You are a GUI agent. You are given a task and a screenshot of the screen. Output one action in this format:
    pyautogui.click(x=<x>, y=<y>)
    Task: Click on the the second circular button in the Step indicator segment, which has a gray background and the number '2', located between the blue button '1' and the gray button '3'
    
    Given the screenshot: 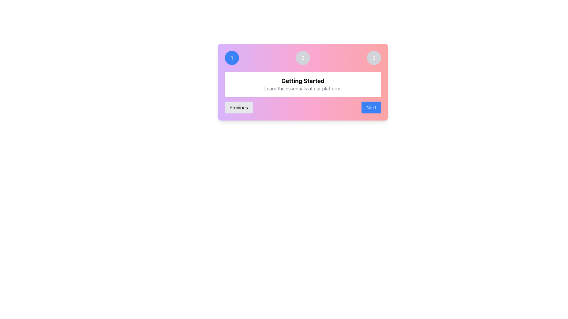 What is the action you would take?
    pyautogui.click(x=303, y=58)
    